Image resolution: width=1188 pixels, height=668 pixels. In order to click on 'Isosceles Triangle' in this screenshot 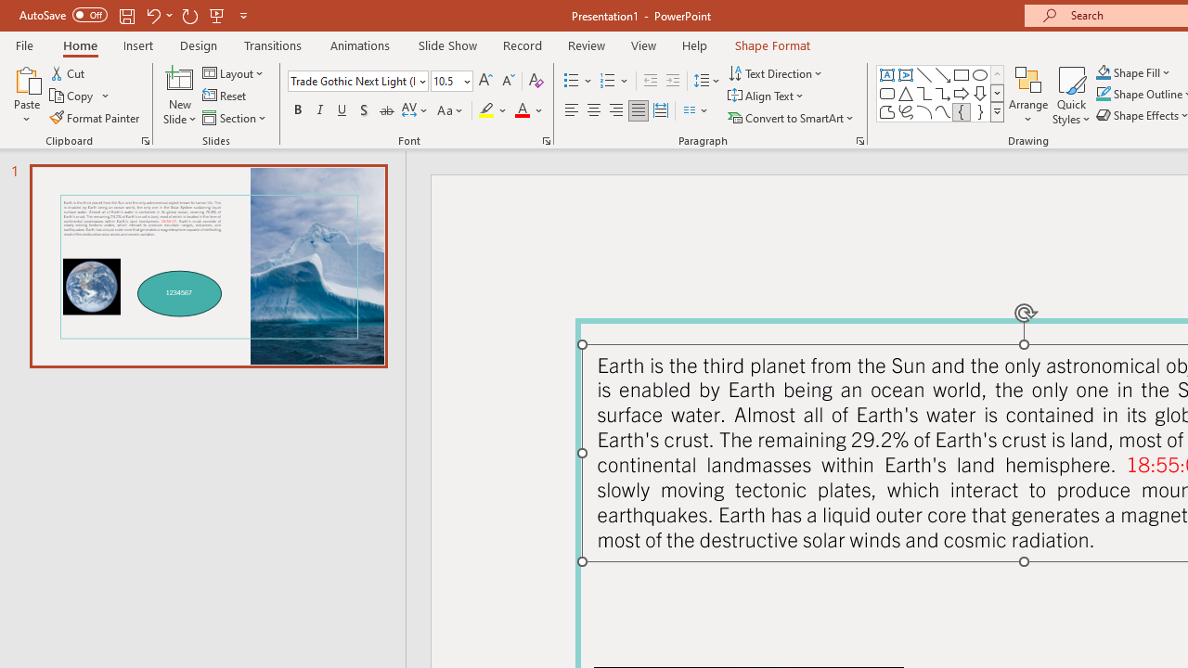, I will do `click(906, 93)`.